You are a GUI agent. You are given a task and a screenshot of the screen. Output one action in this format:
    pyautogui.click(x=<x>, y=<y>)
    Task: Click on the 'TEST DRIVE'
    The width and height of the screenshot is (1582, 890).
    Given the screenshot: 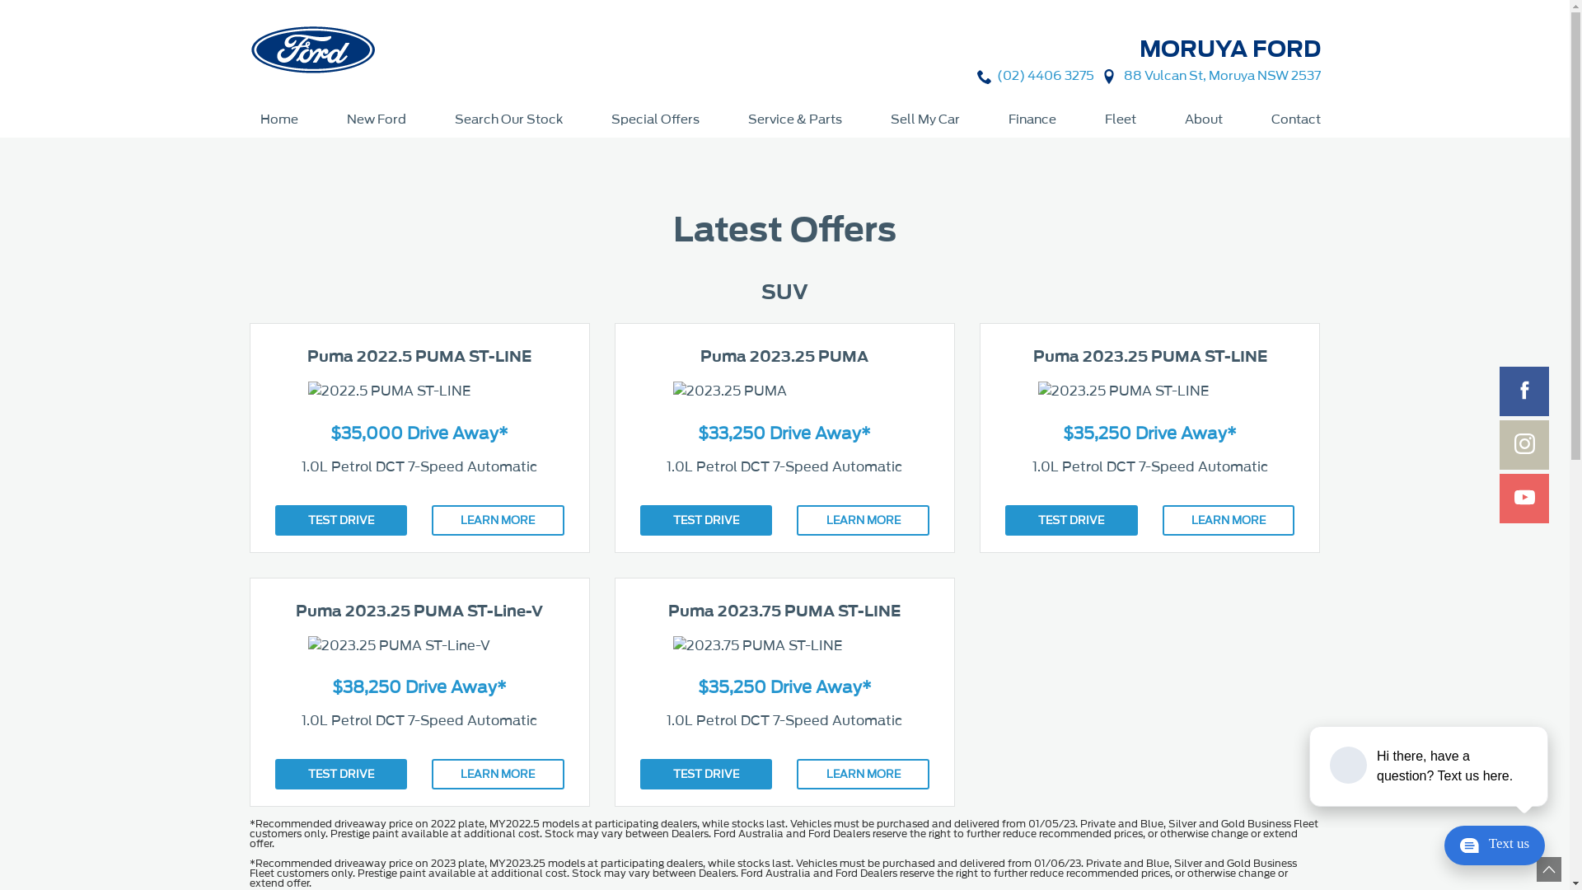 What is the action you would take?
    pyautogui.click(x=340, y=520)
    